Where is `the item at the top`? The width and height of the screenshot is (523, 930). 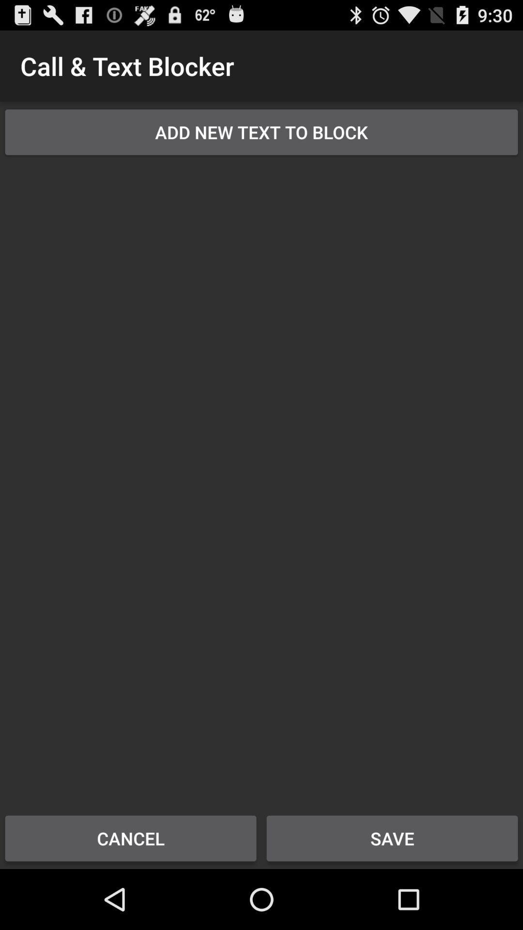
the item at the top is located at coordinates (261, 132).